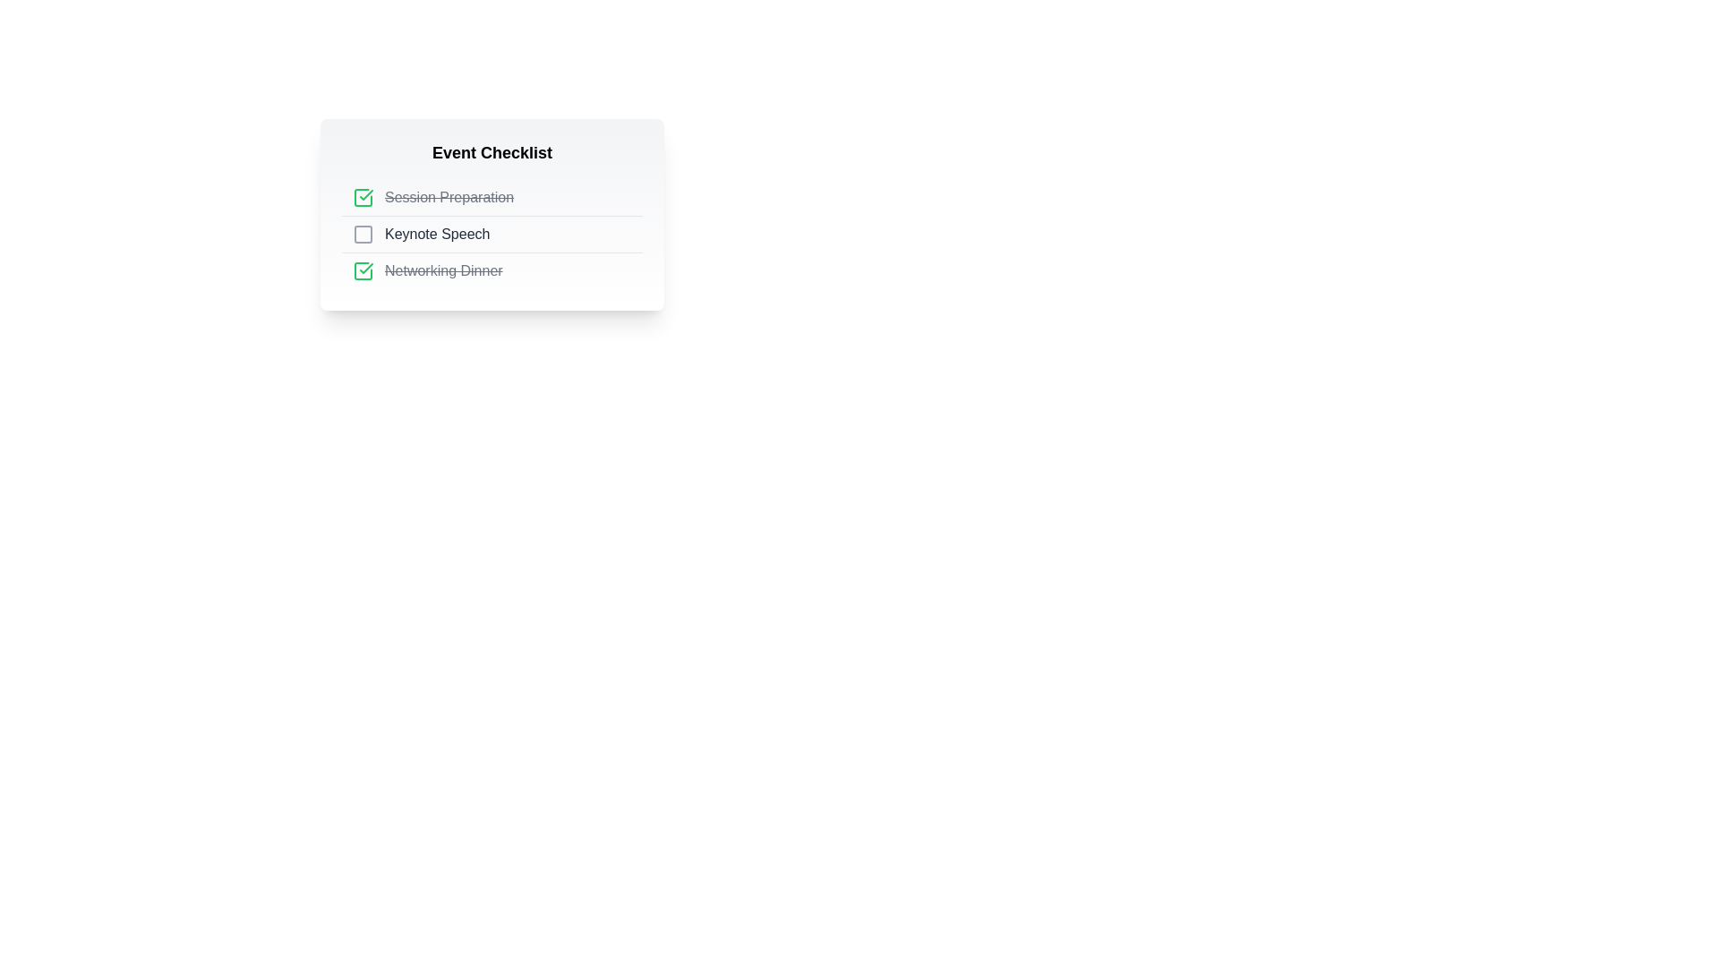  I want to click on the visual indicator icon representing the completion state of the 'Session Preparation' item, so click(363, 197).